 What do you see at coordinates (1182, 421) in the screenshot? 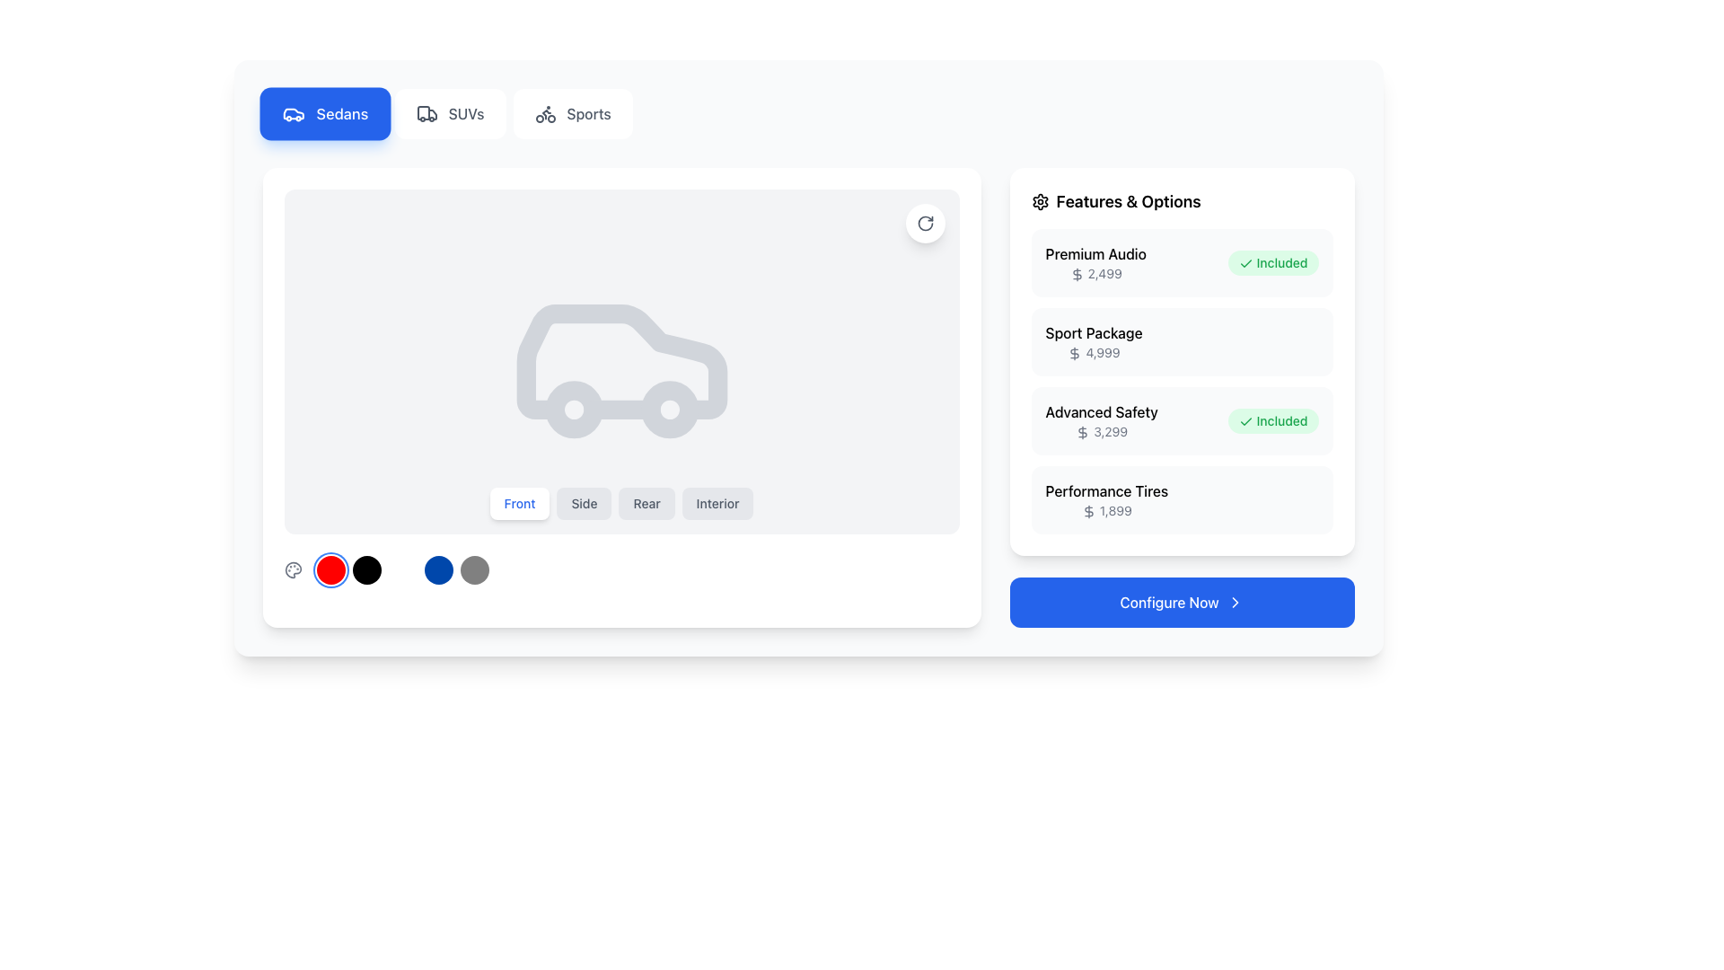
I see `the 'Advanced Safety' feature option card, which is the third option in the 'Features & Options' list on the right panel, located below 'Sport Package' and above 'Performance Tires'` at bounding box center [1182, 421].